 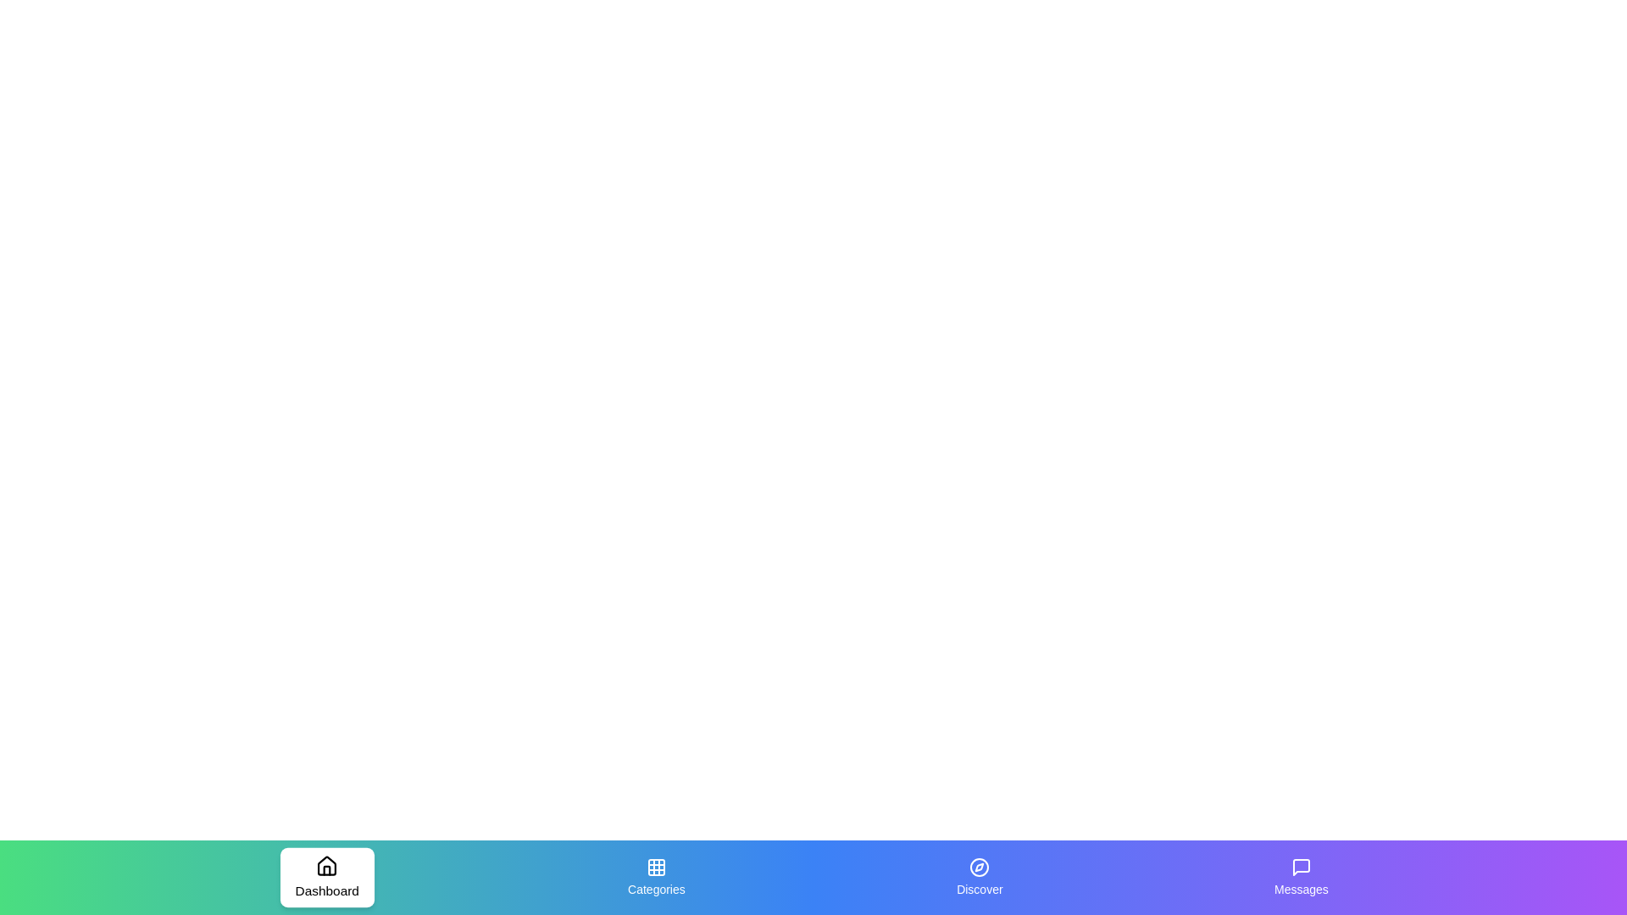 What do you see at coordinates (1301, 877) in the screenshot?
I see `the Messages tab by clicking on its icon or label` at bounding box center [1301, 877].